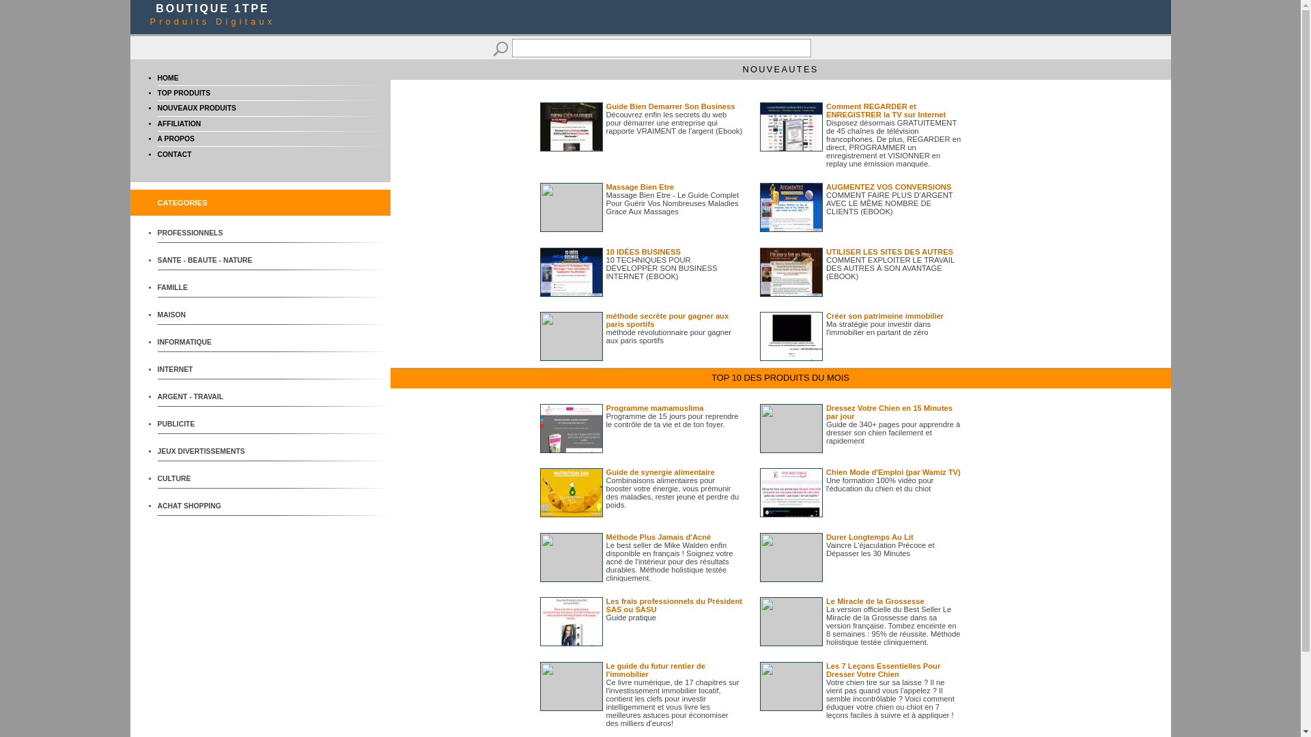 This screenshot has width=1311, height=737. I want to click on 'PUBLICITE', so click(208, 423).